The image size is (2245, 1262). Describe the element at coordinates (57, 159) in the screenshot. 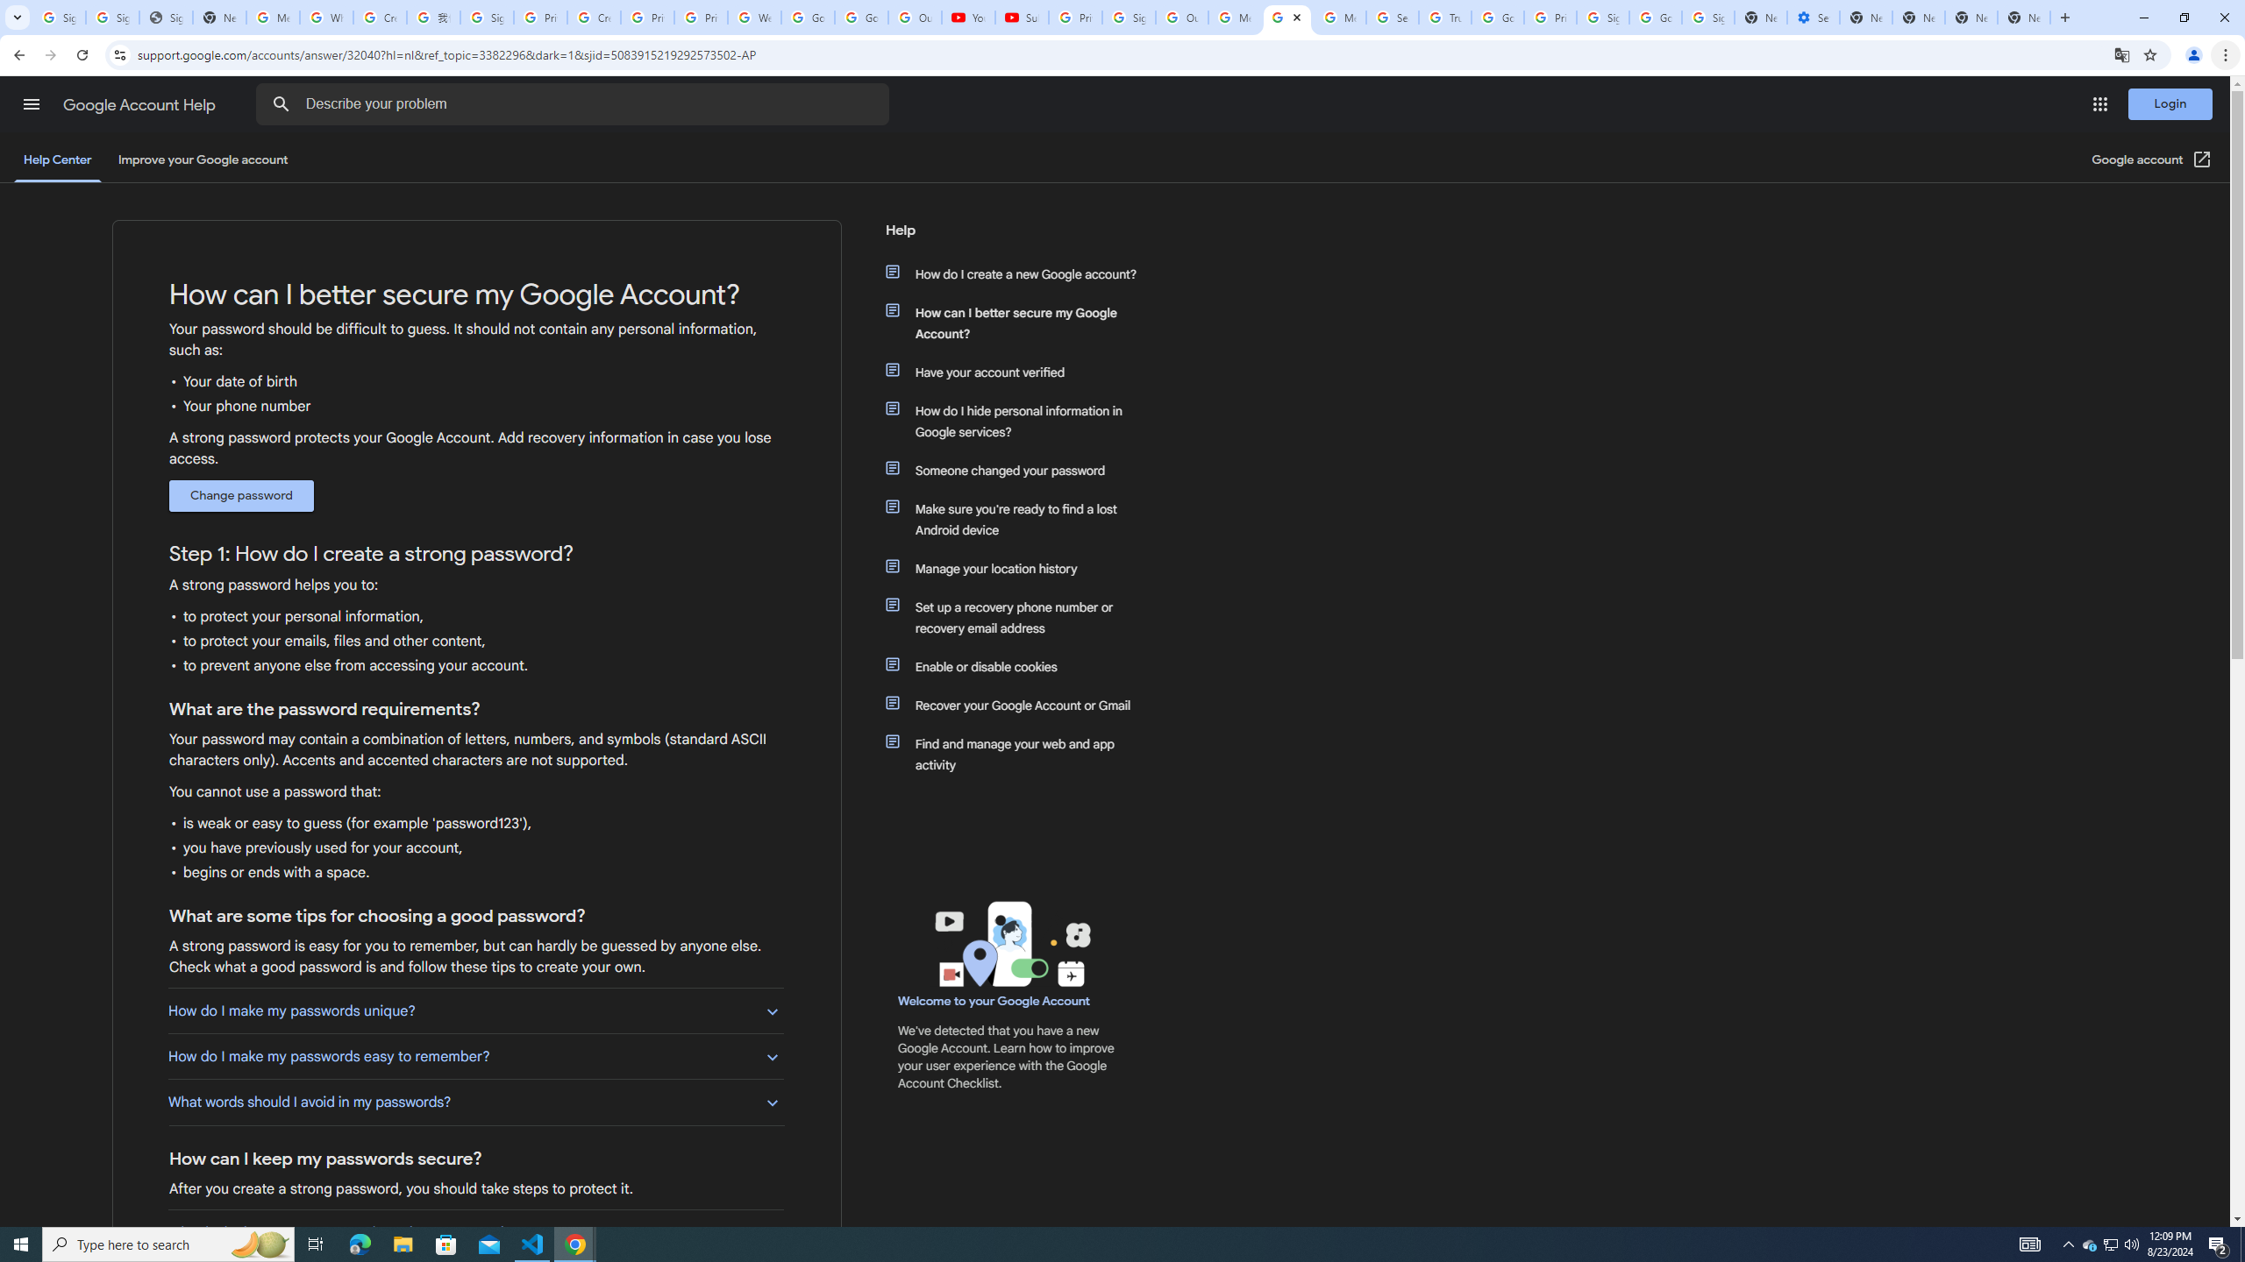

I see `'Help Center'` at that location.